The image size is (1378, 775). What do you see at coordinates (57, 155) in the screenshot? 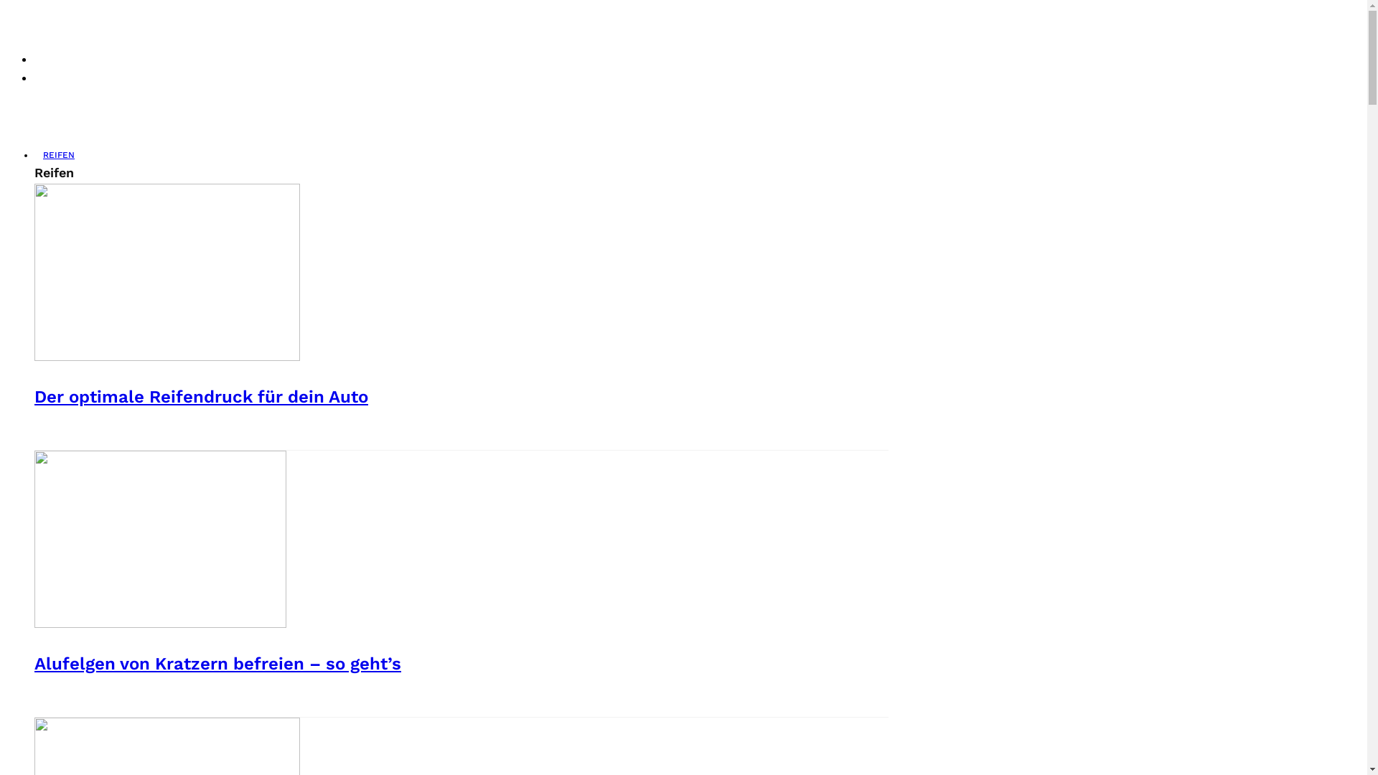
I see `'REIFEN'` at bounding box center [57, 155].